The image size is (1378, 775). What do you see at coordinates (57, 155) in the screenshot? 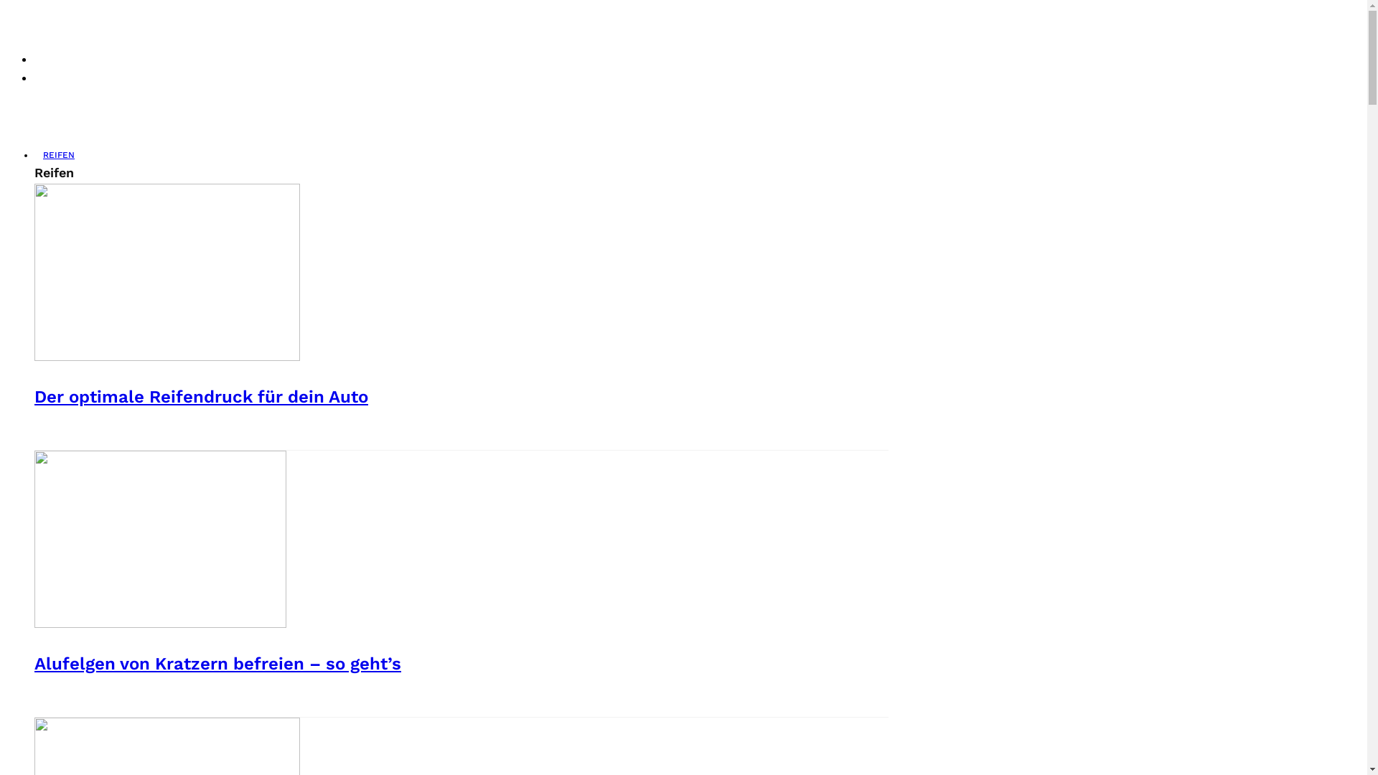
I see `'REIFEN'` at bounding box center [57, 155].